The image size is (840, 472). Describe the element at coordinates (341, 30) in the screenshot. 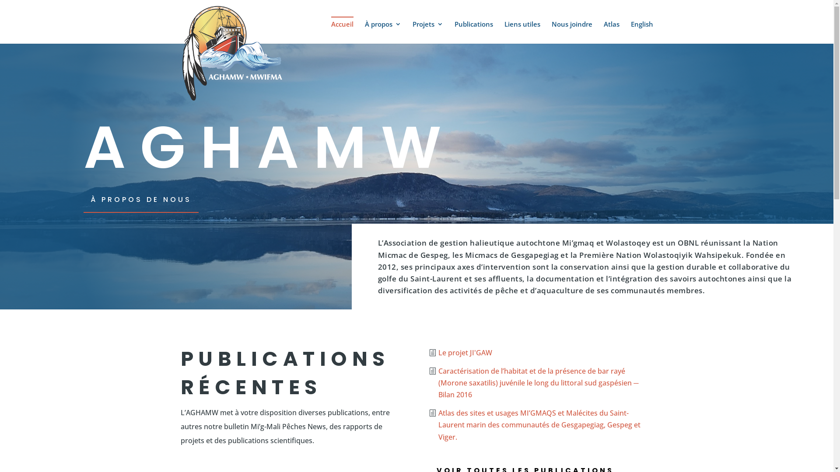

I see `'Accueil'` at that location.